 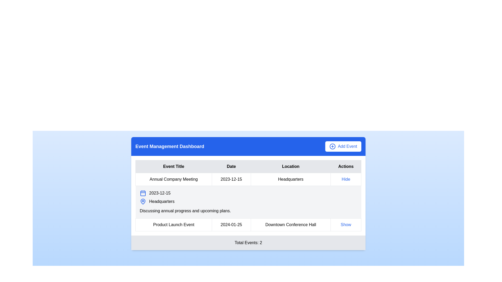 What do you see at coordinates (170, 146) in the screenshot?
I see `the static text label that serves as the title for the 'Event Management Dashboard', located on the left side of the blue banner, preceding the 'Add Event' button` at bounding box center [170, 146].